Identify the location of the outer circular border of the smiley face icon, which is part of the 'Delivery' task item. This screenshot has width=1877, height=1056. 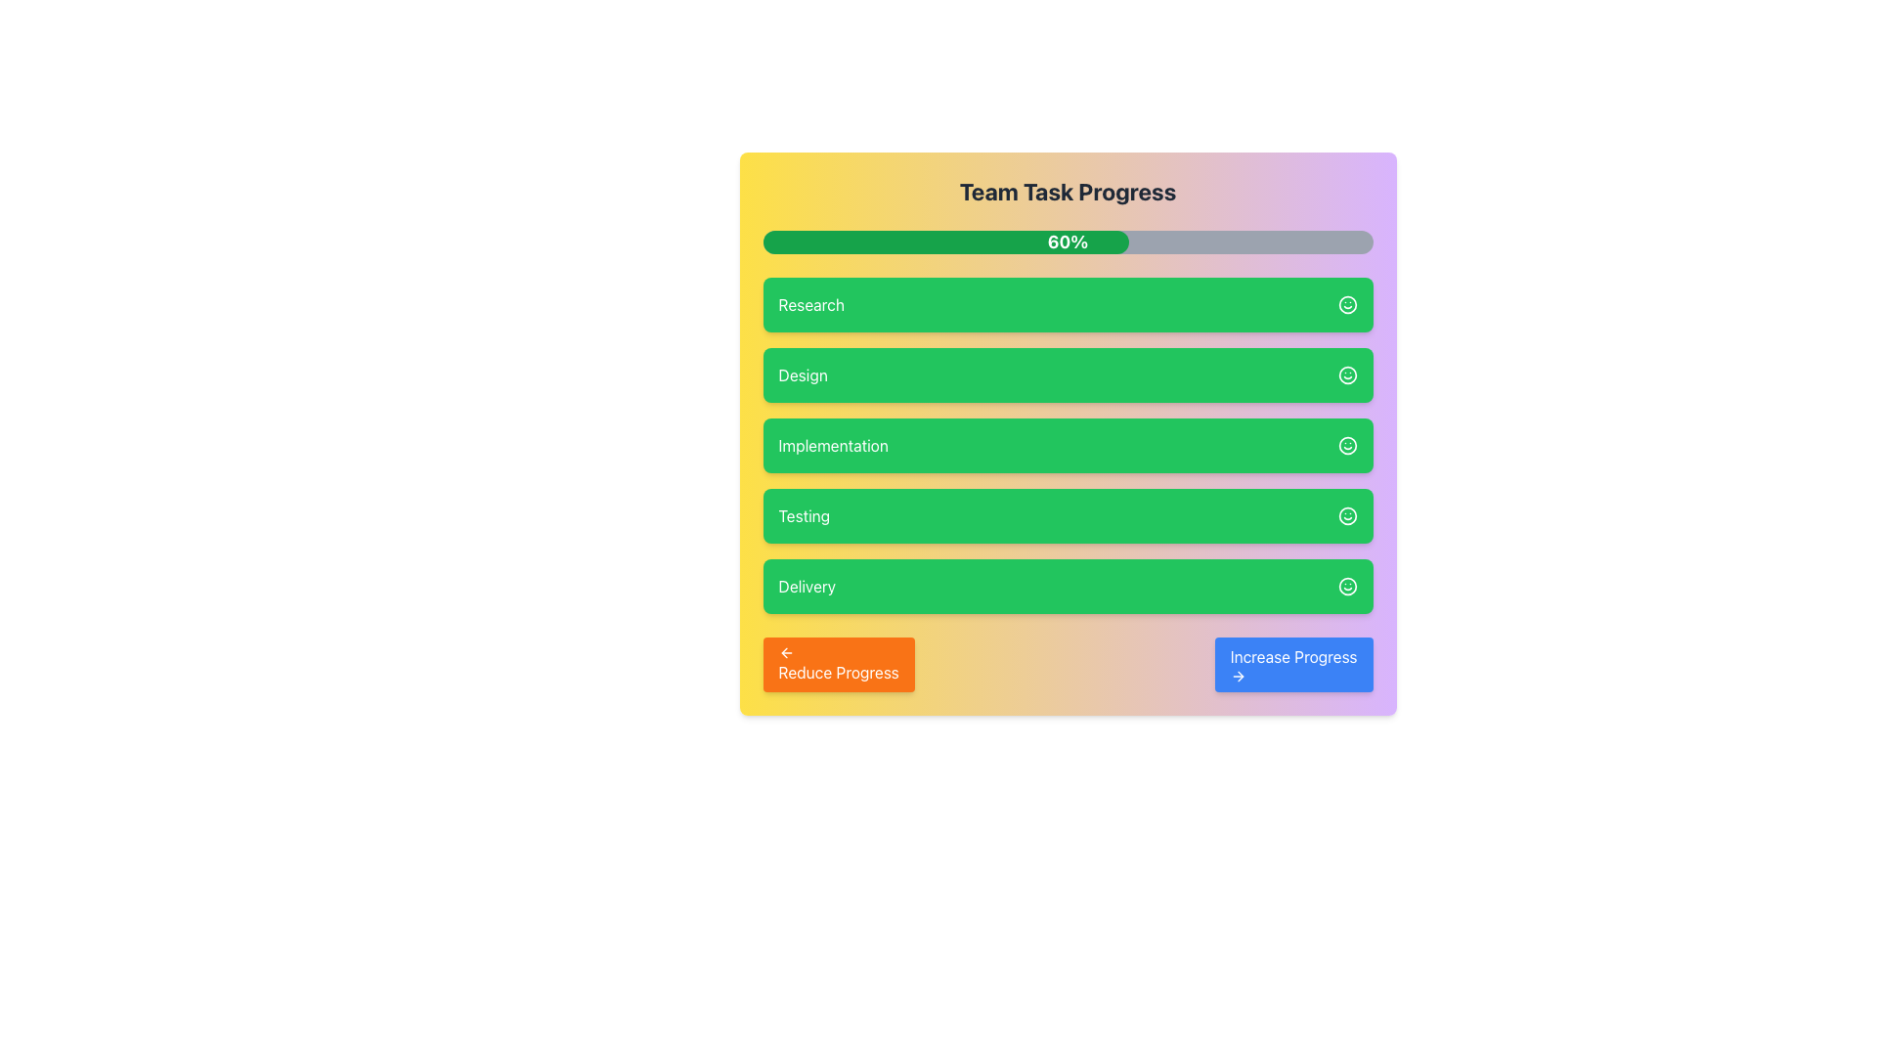
(1346, 586).